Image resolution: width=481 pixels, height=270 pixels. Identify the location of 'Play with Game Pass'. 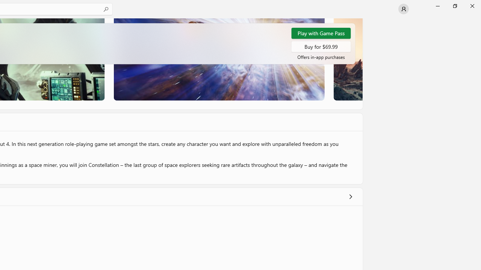
(321, 33).